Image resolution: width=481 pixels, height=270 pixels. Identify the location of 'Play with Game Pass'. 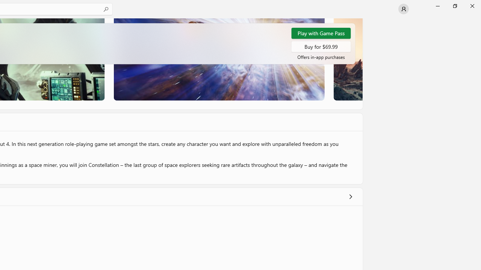
(321, 33).